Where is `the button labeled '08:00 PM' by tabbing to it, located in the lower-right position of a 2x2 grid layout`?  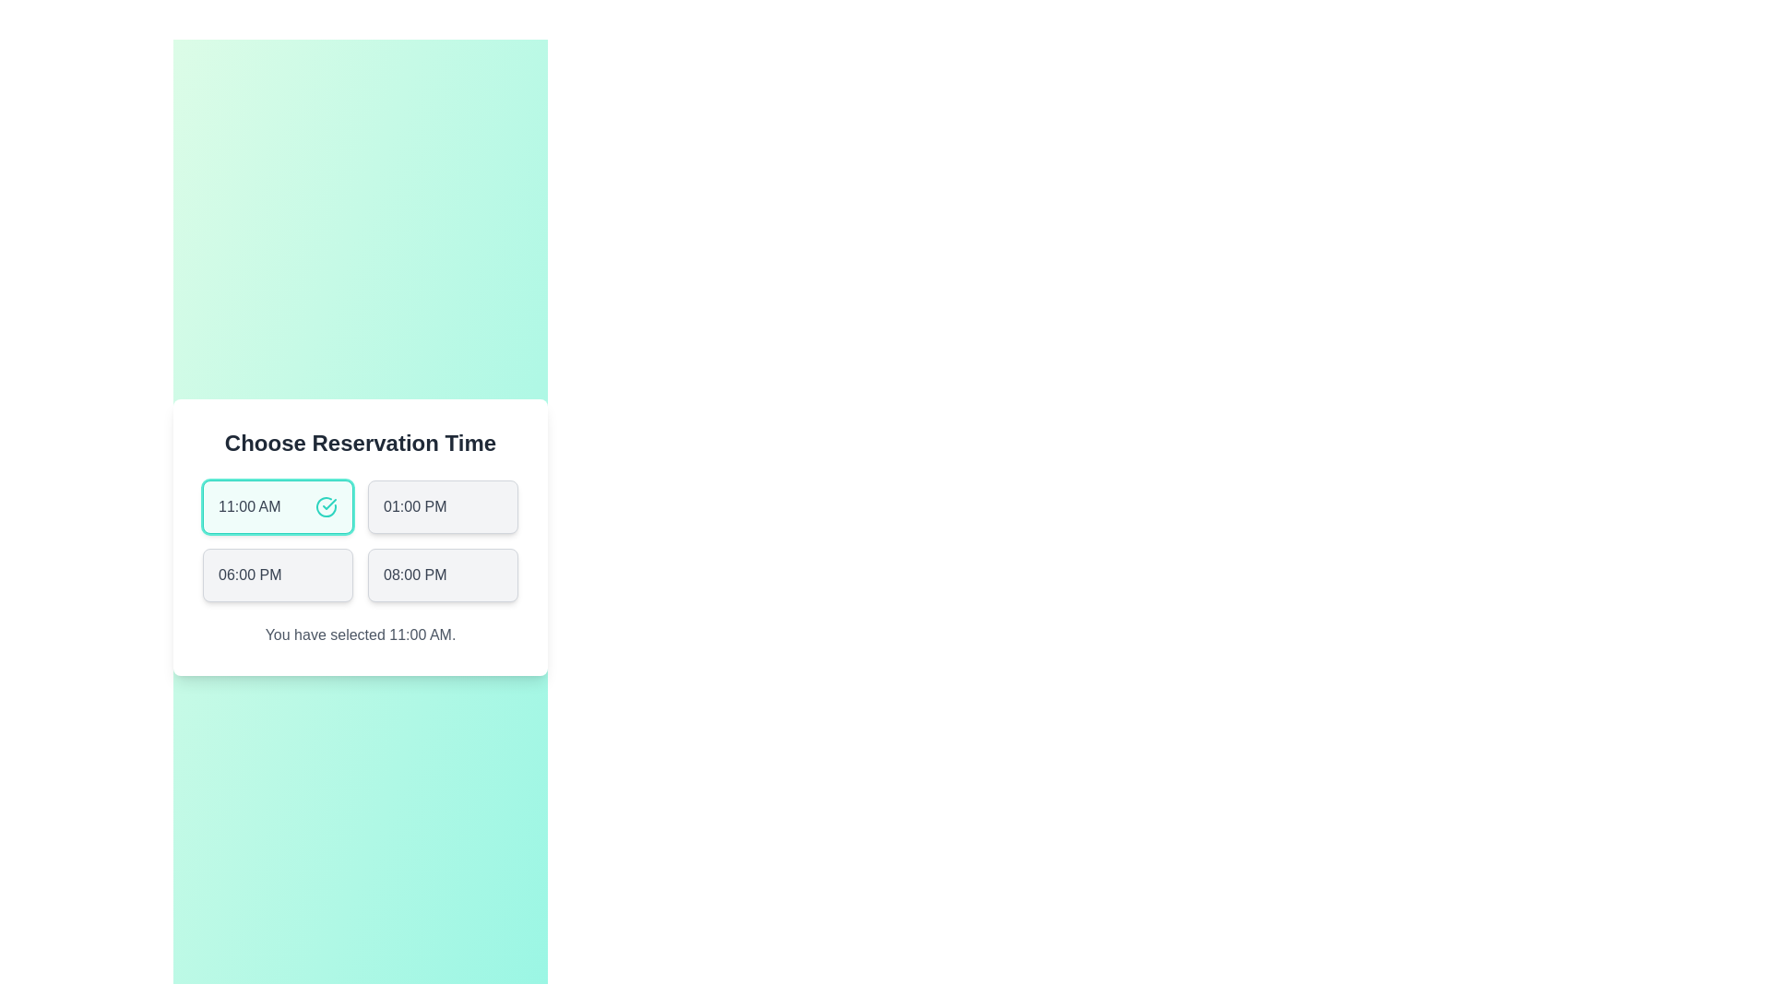 the button labeled '08:00 PM' by tabbing to it, located in the lower-right position of a 2x2 grid layout is located at coordinates (443, 575).